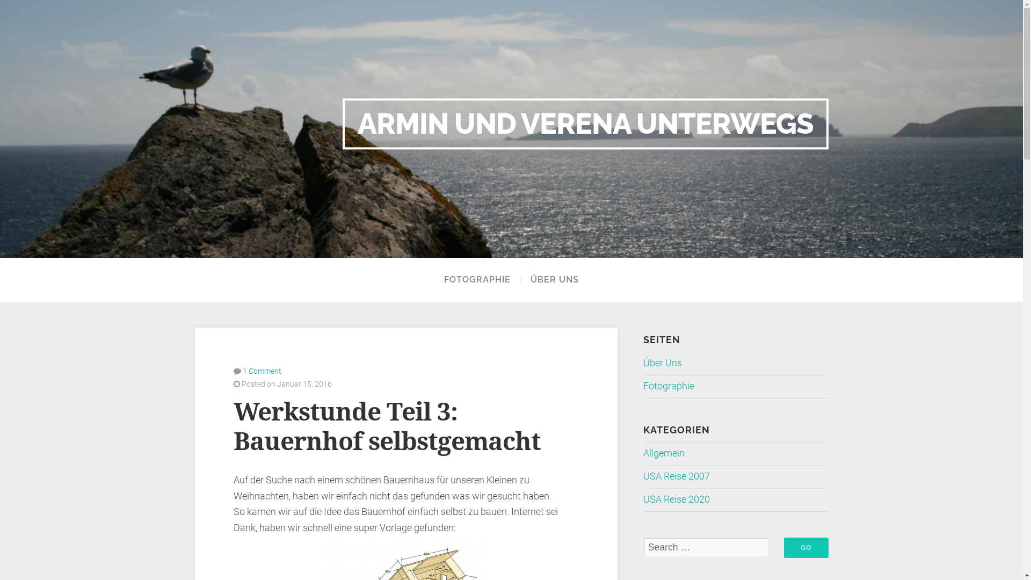  I want to click on '1 Comment', so click(262, 370).